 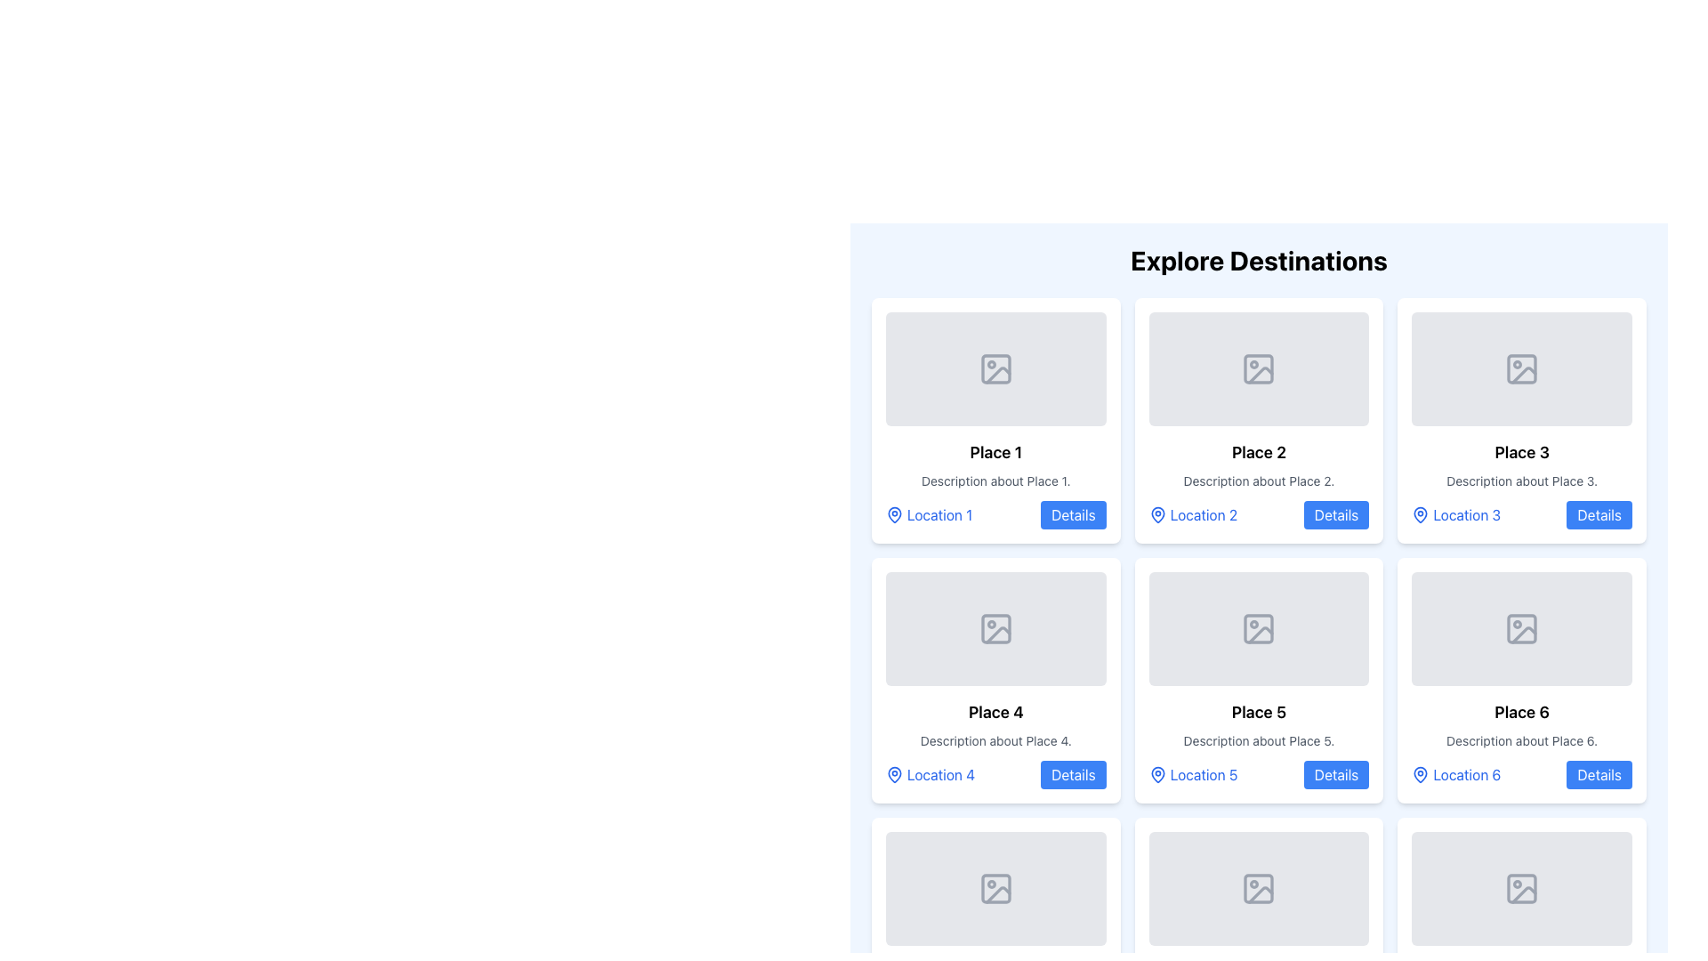 What do you see at coordinates (1521, 889) in the screenshot?
I see `the gray rounded square icon representing an image placeholder located in the 'Place 6' card at the bottom-center of the grid layout` at bounding box center [1521, 889].